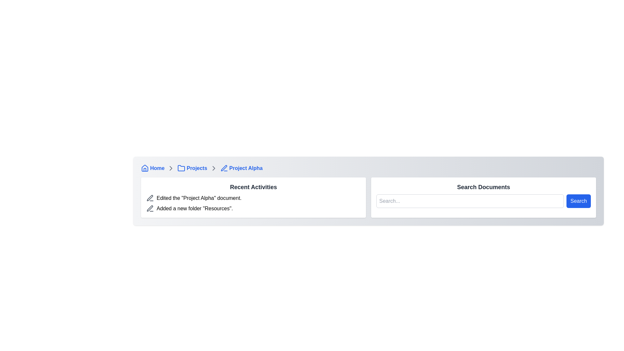 The height and width of the screenshot is (351, 624). I want to click on the text label displaying 'Project Alpha' in the breadcrumb navigation bar, which indicates the current location within the navigation structure, so click(245, 168).